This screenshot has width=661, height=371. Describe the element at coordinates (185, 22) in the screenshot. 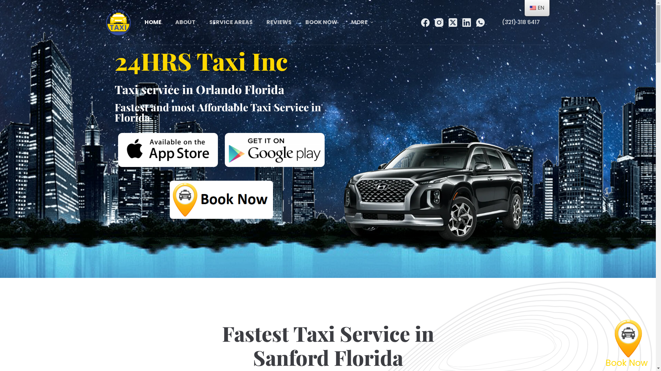

I see `'ABOUT'` at that location.